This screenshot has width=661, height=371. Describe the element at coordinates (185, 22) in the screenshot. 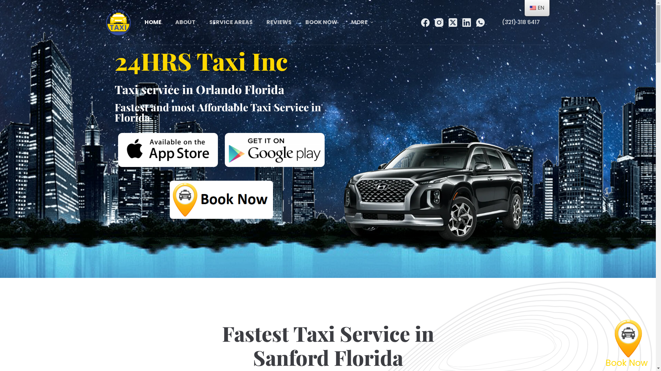

I see `'ABOUT'` at that location.